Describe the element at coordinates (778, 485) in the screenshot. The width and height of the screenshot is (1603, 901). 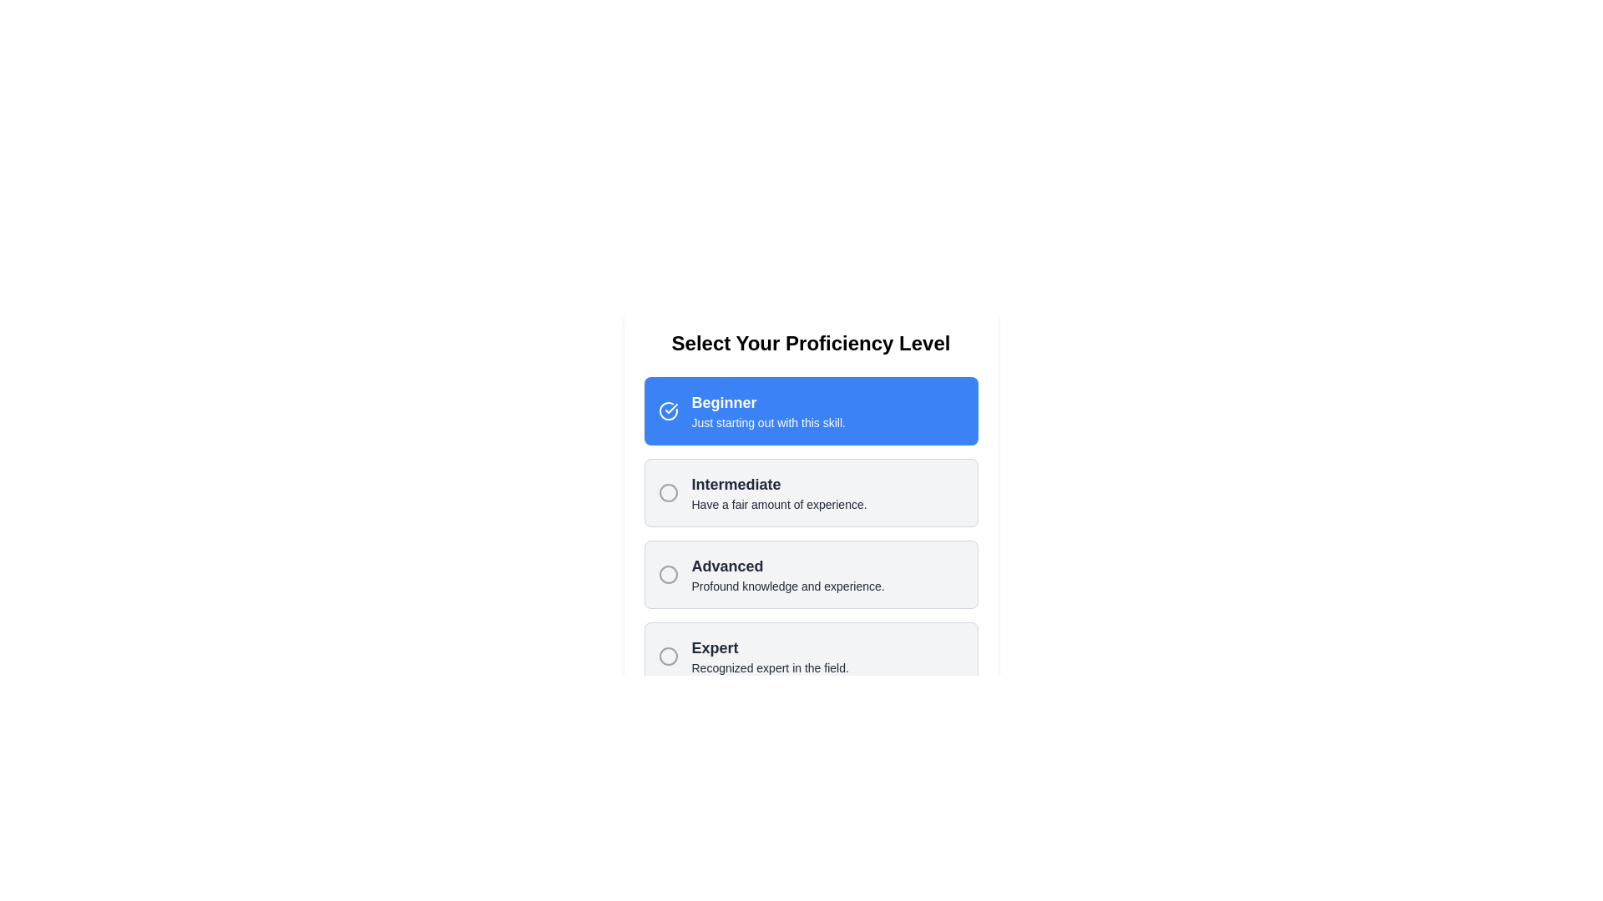
I see `the 'Intermediate' label, which is the bold header of the second option in the 'Select Your Proficiency Level' list` at that location.